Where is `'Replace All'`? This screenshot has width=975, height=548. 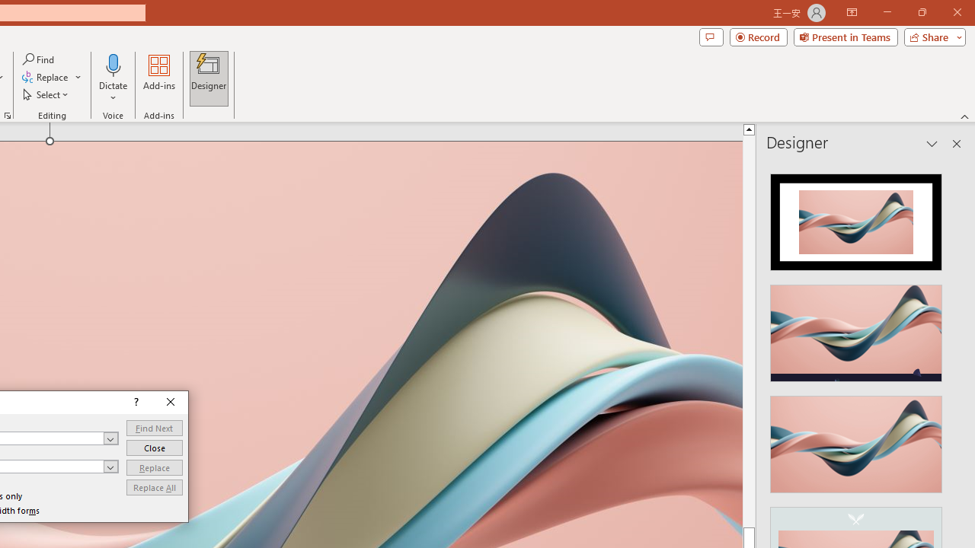
'Replace All' is located at coordinates (154, 487).